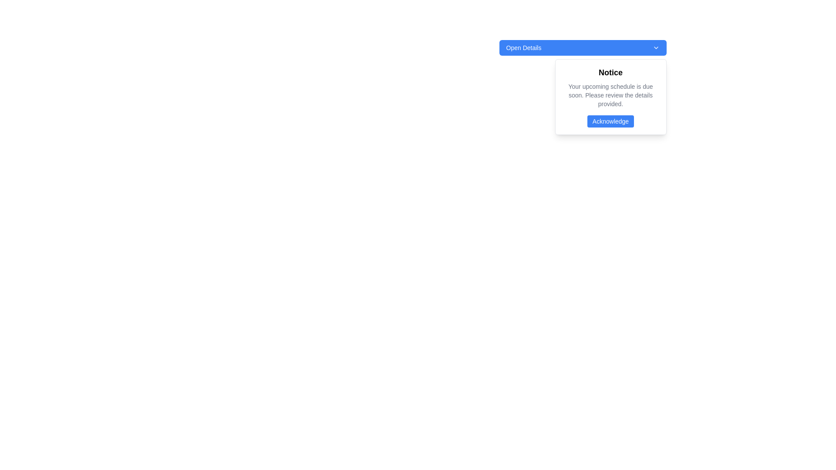  What do you see at coordinates (610, 121) in the screenshot?
I see `the acknowledgment button located at the bottom of the notification panel titled 'Notice' to confirm the user's acknowledgment of the message` at bounding box center [610, 121].